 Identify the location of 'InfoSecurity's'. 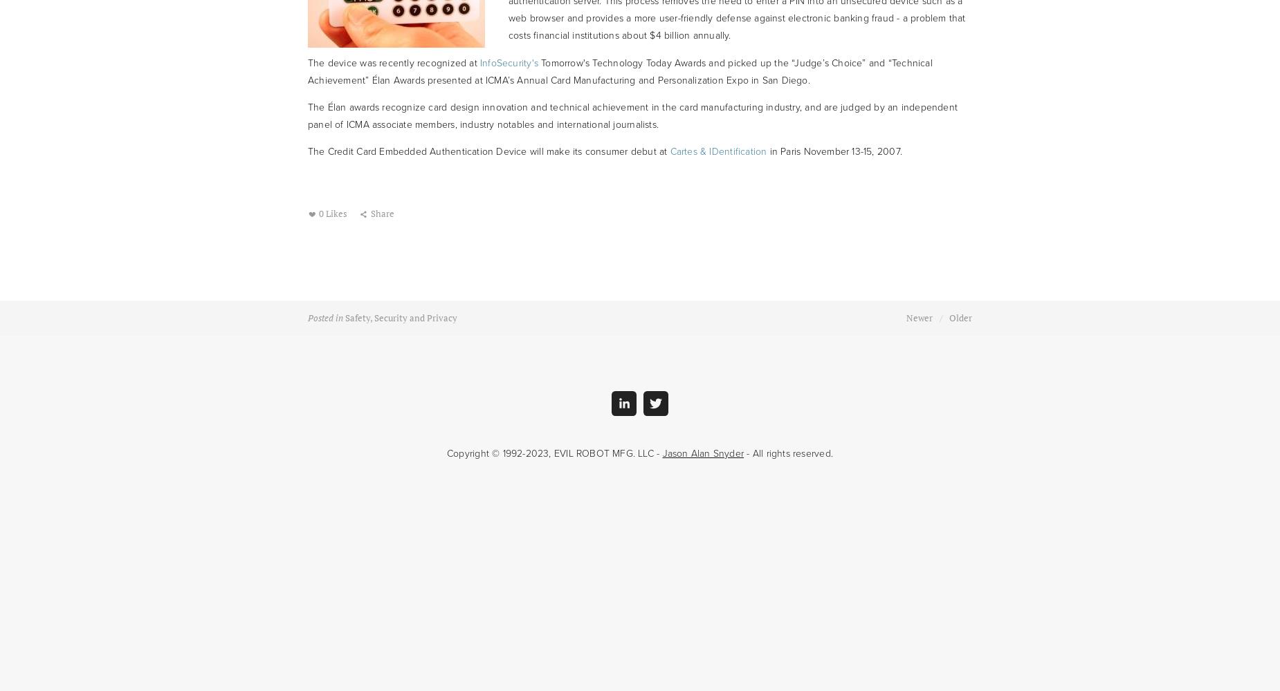
(509, 61).